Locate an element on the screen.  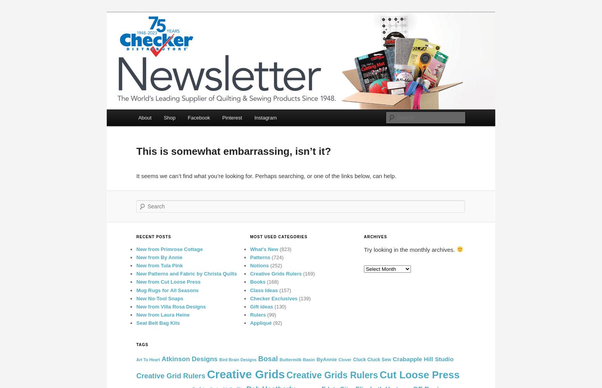
'(168)' is located at coordinates (271, 281).